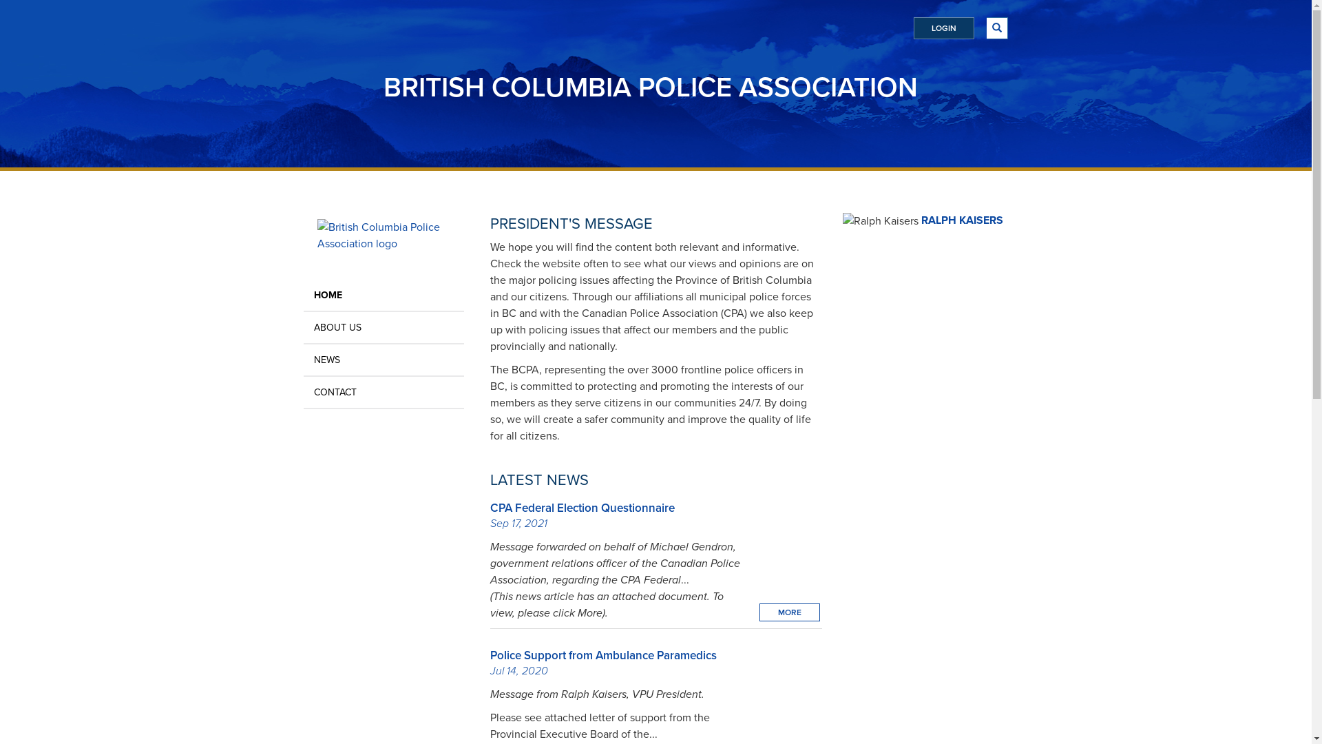 The width and height of the screenshot is (1322, 744). Describe the element at coordinates (942, 28) in the screenshot. I see `'LOGIN'` at that location.